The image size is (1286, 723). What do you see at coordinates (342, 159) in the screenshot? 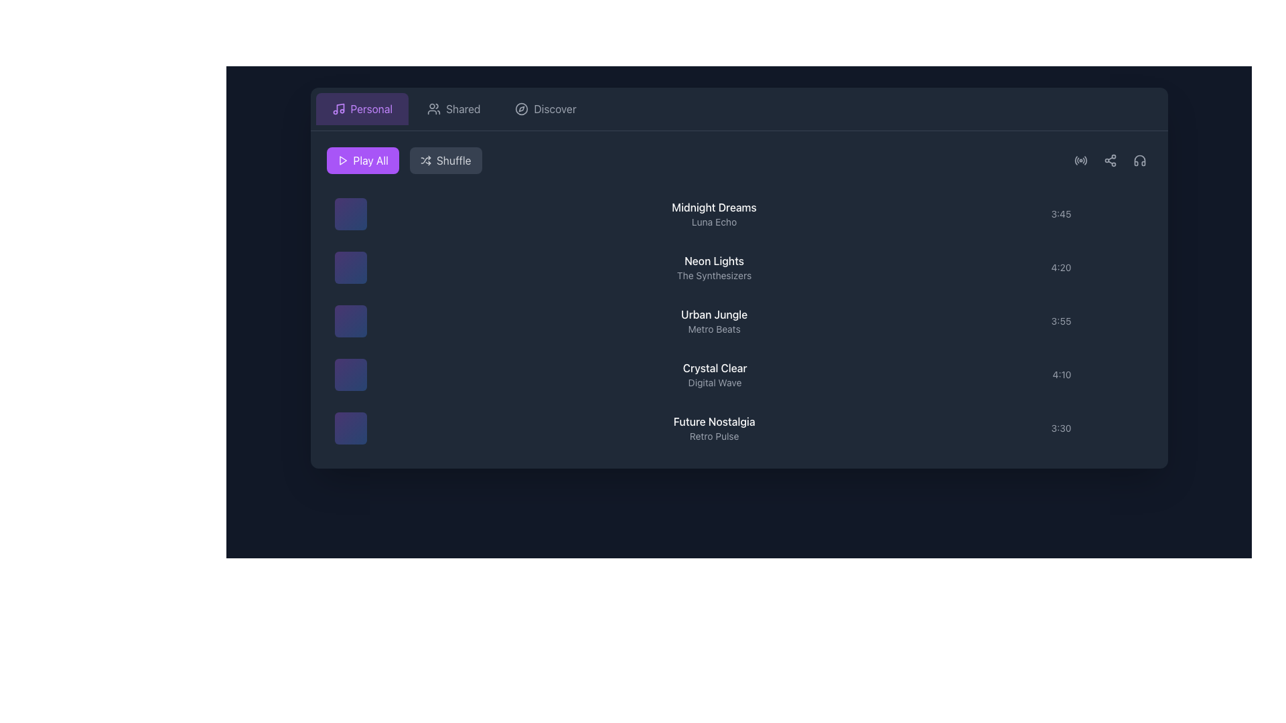
I see `the play icon located to the left of the 'Play All' text, which is part of the 'Play All' button` at bounding box center [342, 159].